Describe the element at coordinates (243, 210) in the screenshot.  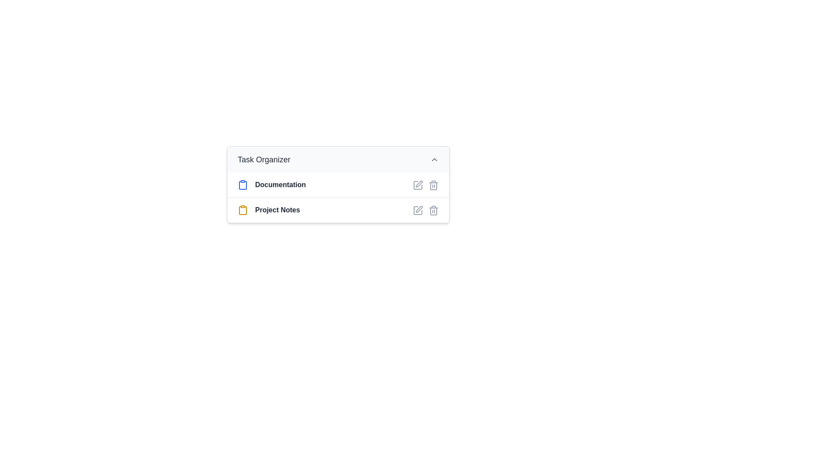
I see `the orange clipboard icon located to the left of the 'Project Notes' text` at that location.